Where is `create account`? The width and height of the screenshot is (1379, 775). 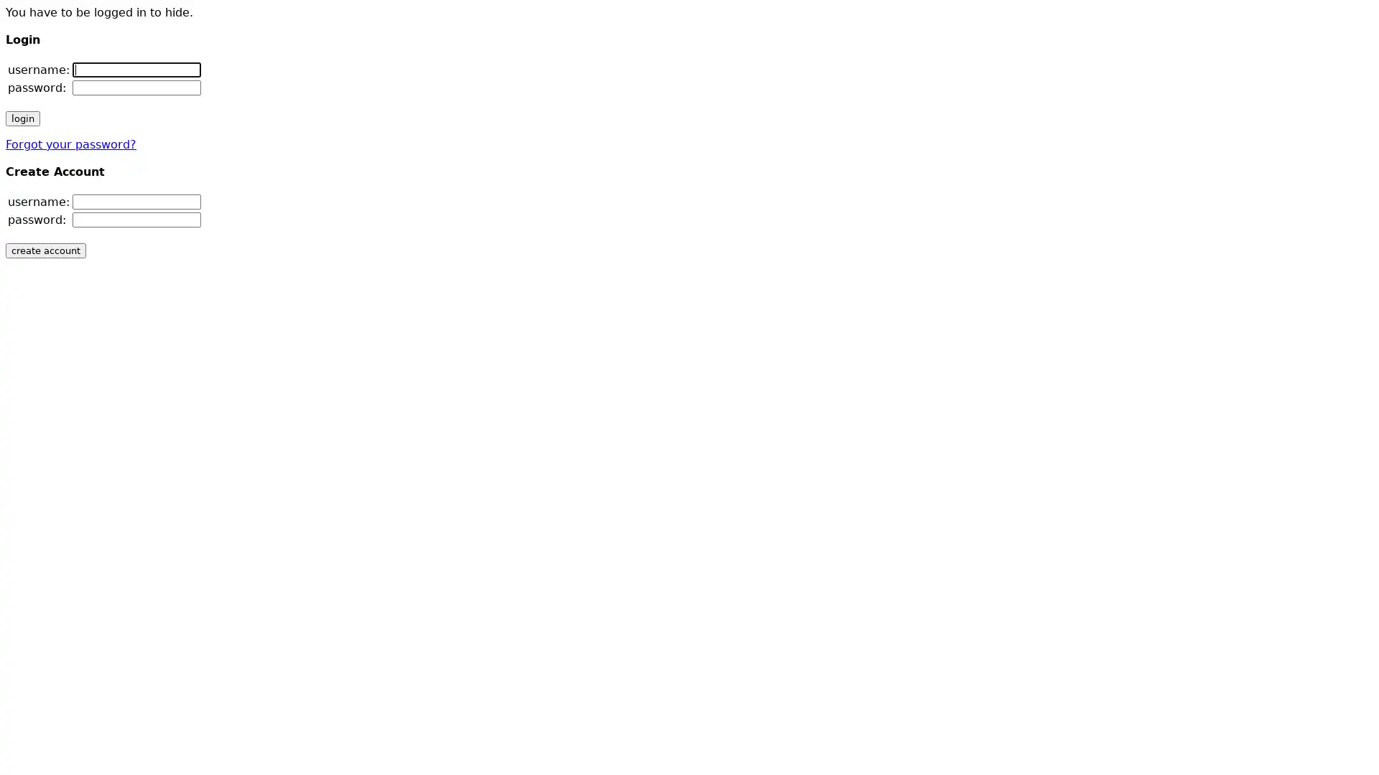 create account is located at coordinates (45, 250).